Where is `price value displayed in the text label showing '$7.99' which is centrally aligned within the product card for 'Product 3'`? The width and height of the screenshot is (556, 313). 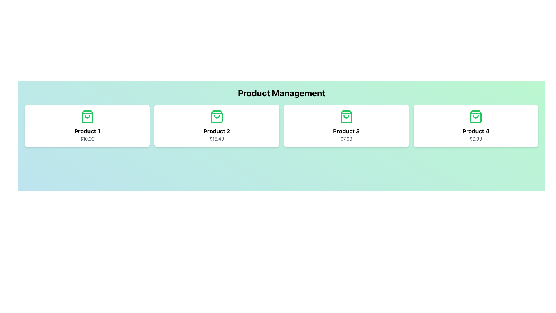 price value displayed in the text label showing '$7.99' which is centrally aligned within the product card for 'Product 3' is located at coordinates (346, 139).